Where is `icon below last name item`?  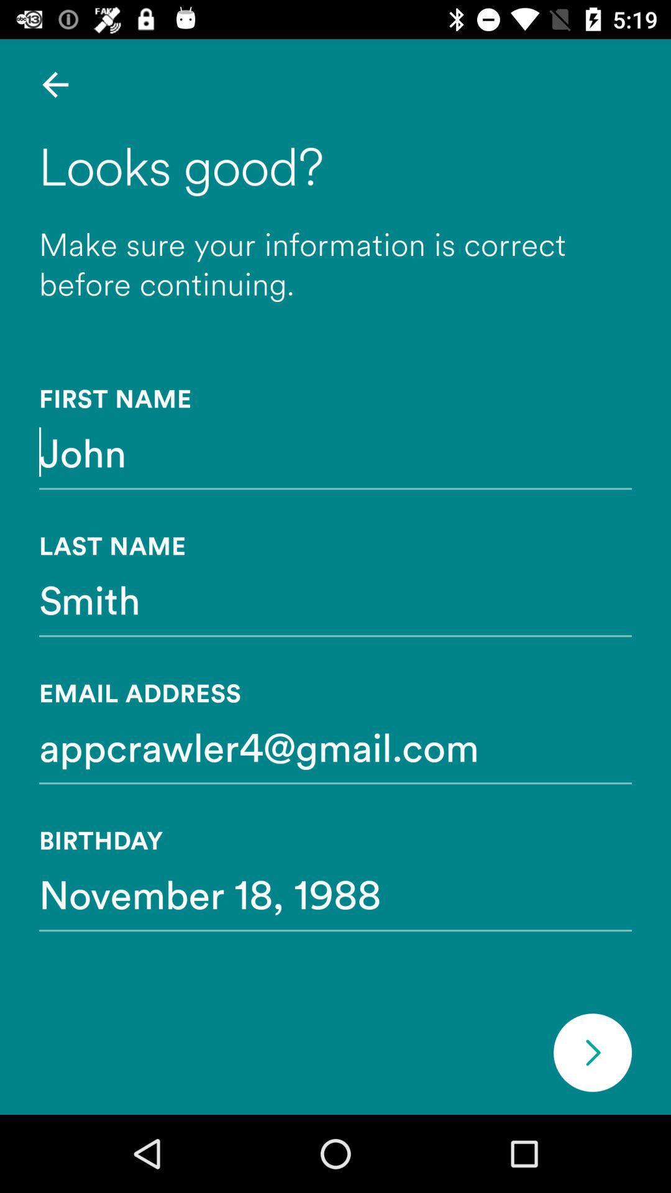 icon below last name item is located at coordinates (335, 599).